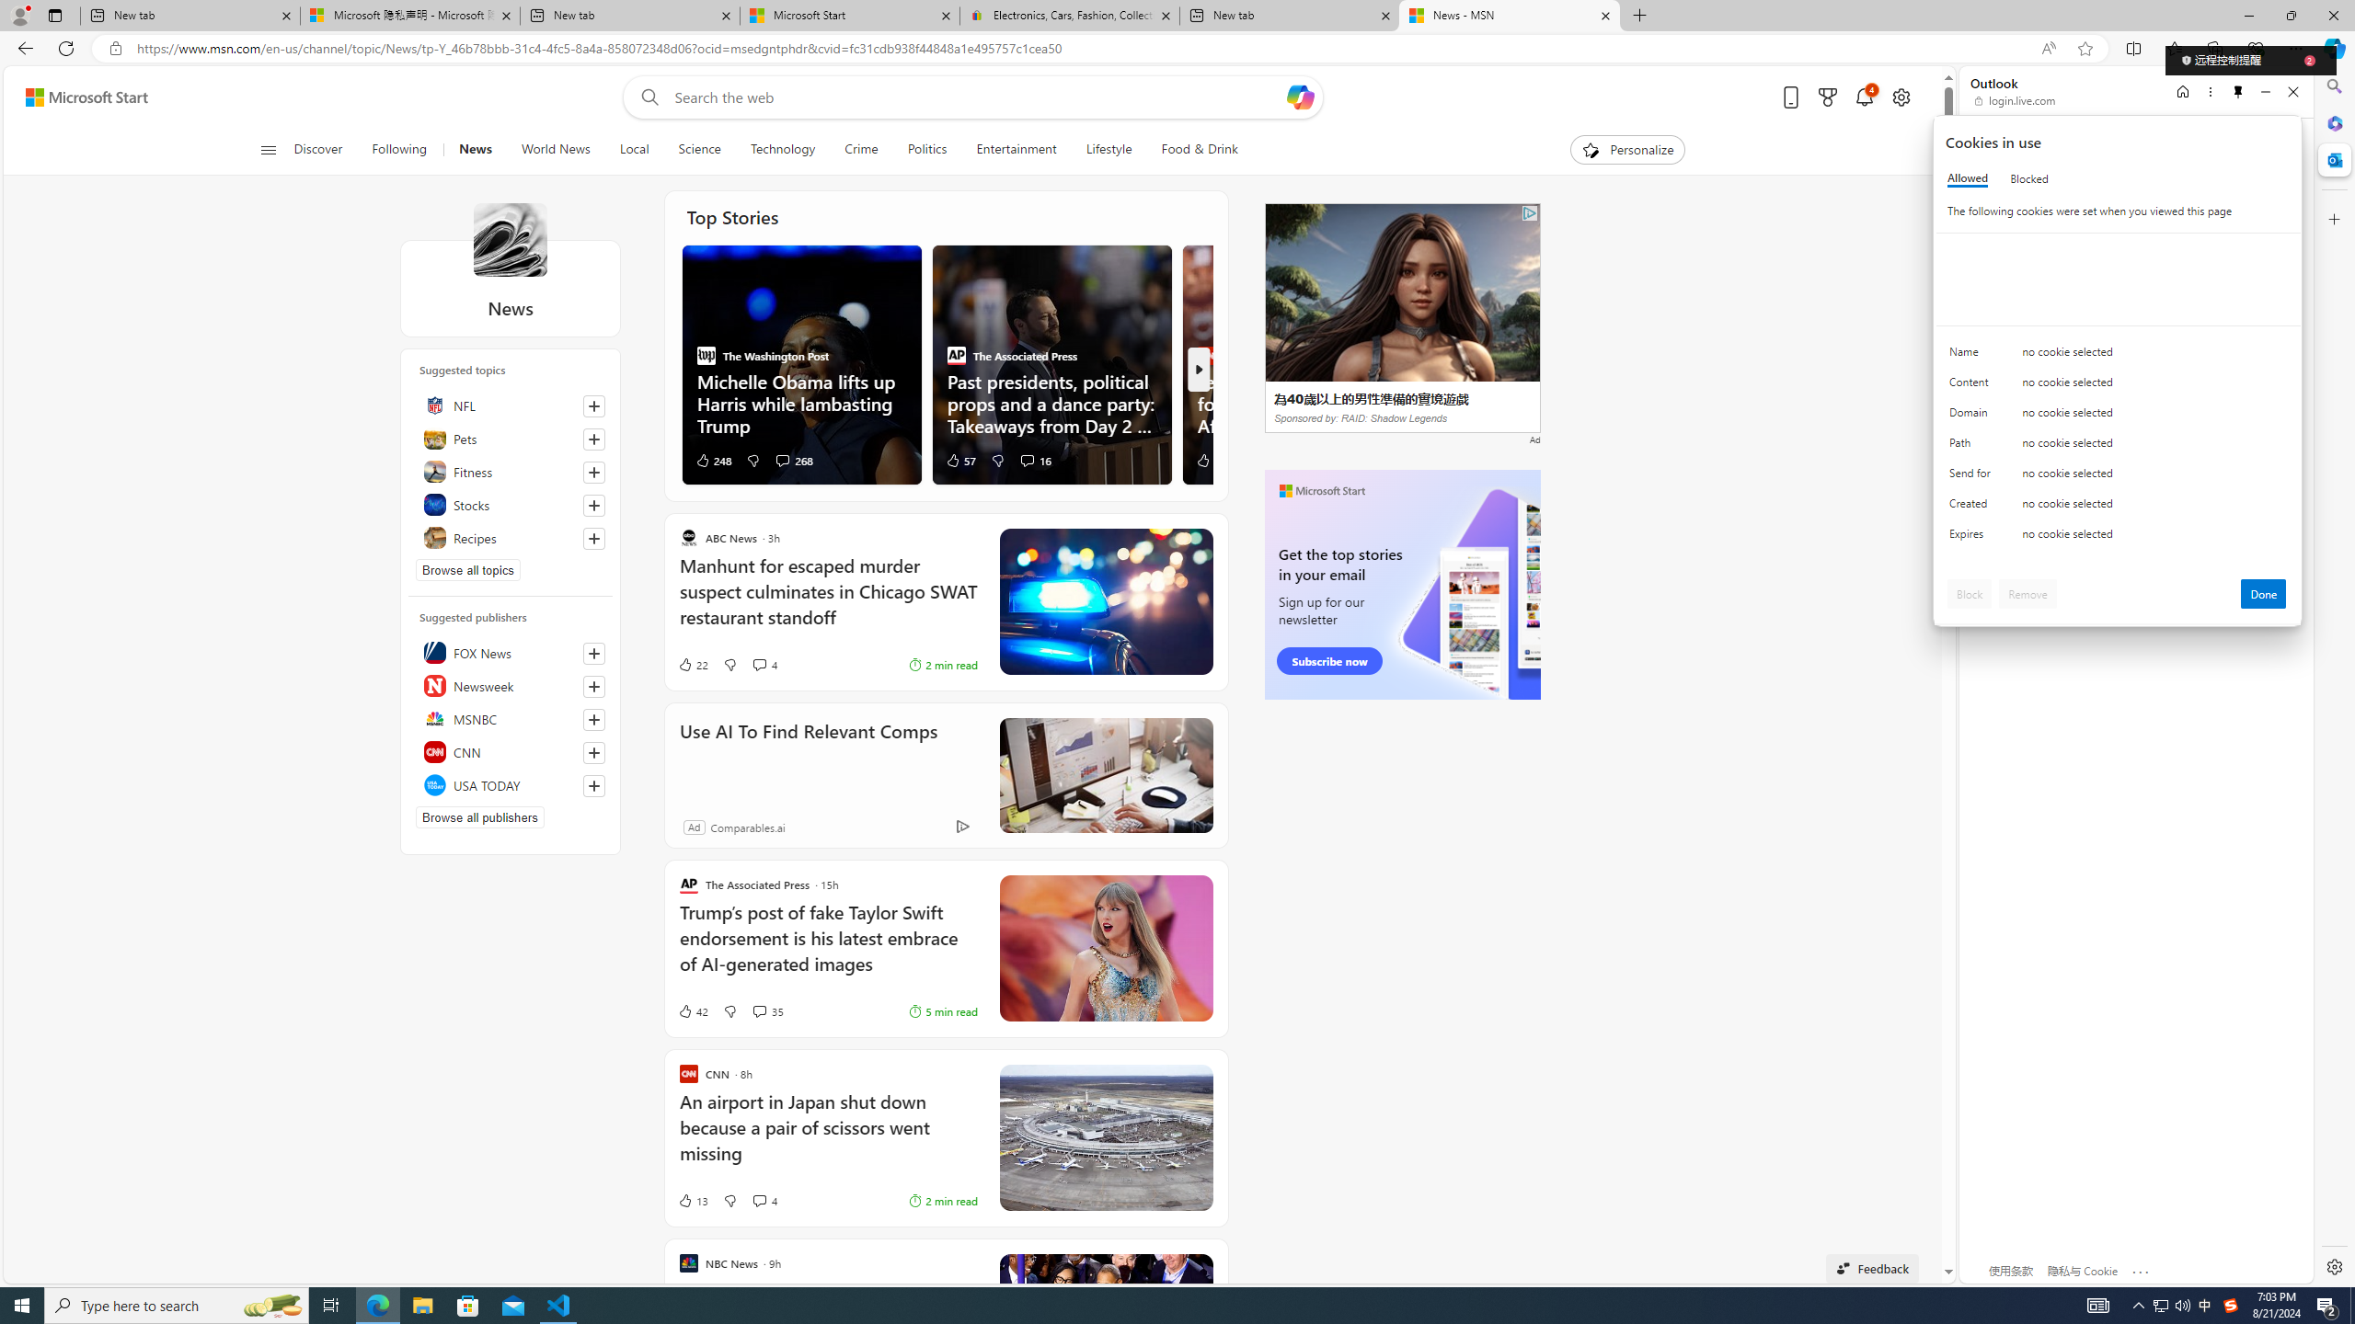  What do you see at coordinates (698, 149) in the screenshot?
I see `'Science'` at bounding box center [698, 149].